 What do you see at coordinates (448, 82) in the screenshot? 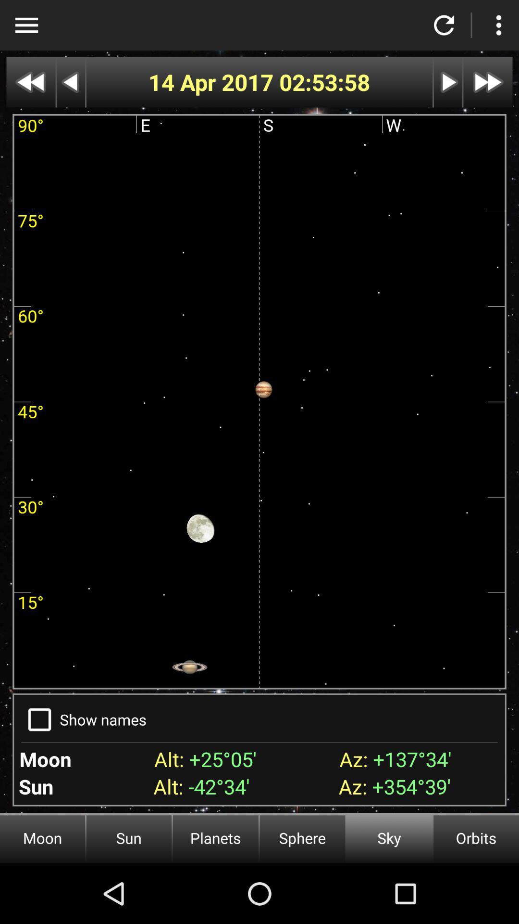
I see `next button` at bounding box center [448, 82].